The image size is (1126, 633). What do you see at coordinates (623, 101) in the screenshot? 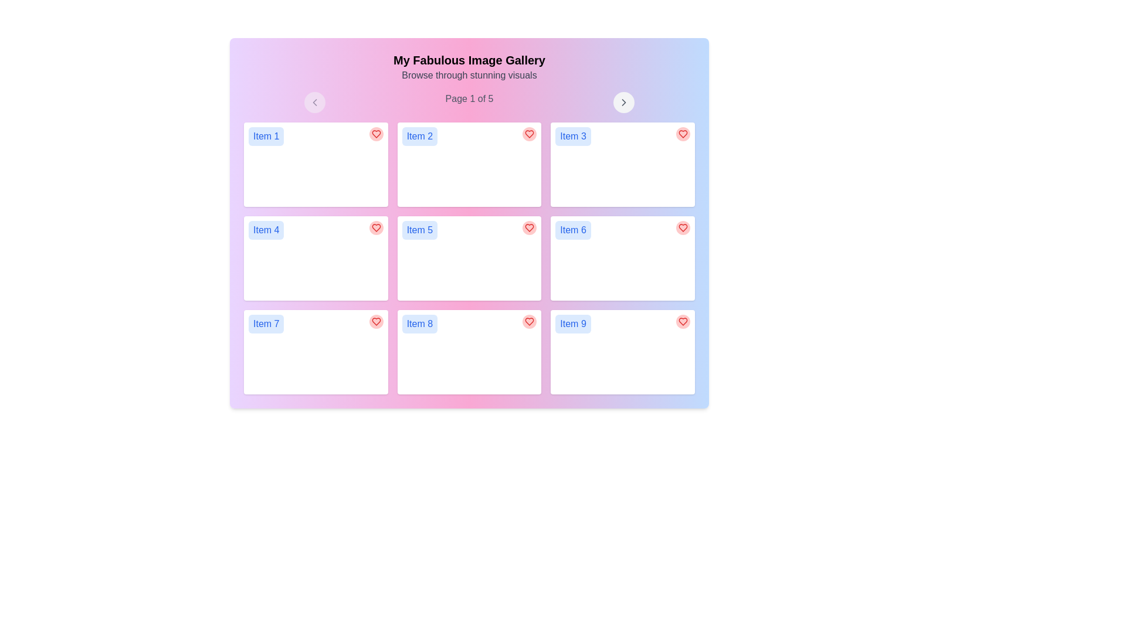
I see `the Chevron-Right navigation button located at the top right of the page navigation header, which allows users to proceed to the next page of the image gallery` at bounding box center [623, 101].